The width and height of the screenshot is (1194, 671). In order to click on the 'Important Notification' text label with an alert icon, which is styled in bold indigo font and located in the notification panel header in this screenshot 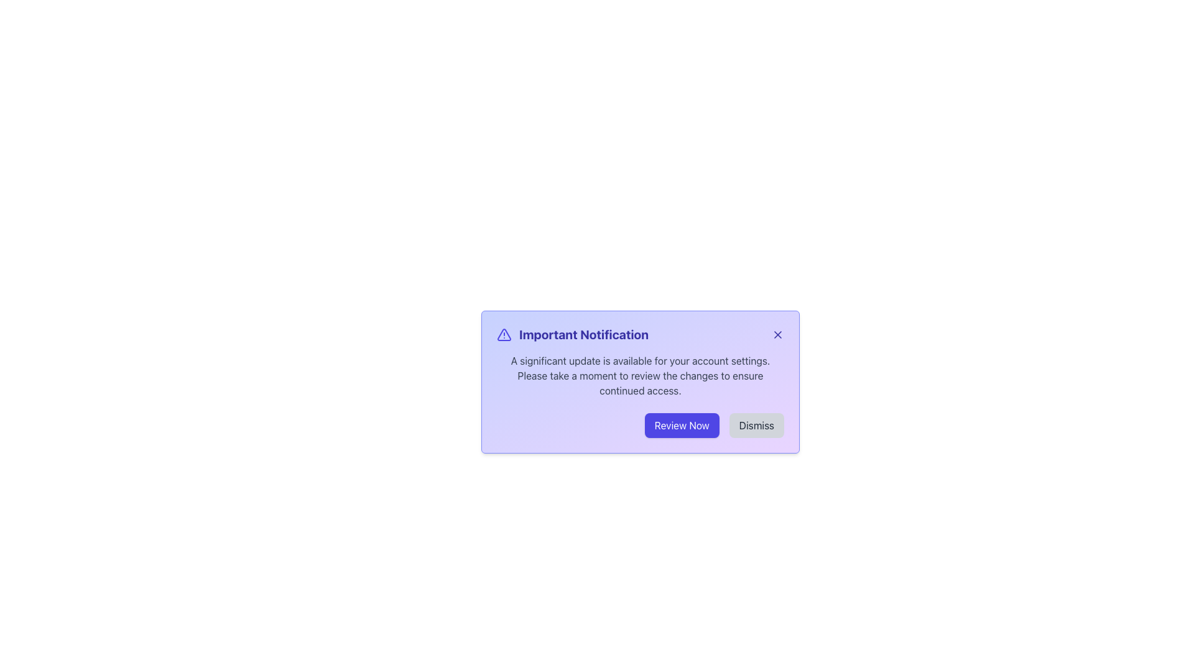, I will do `click(641, 334)`.